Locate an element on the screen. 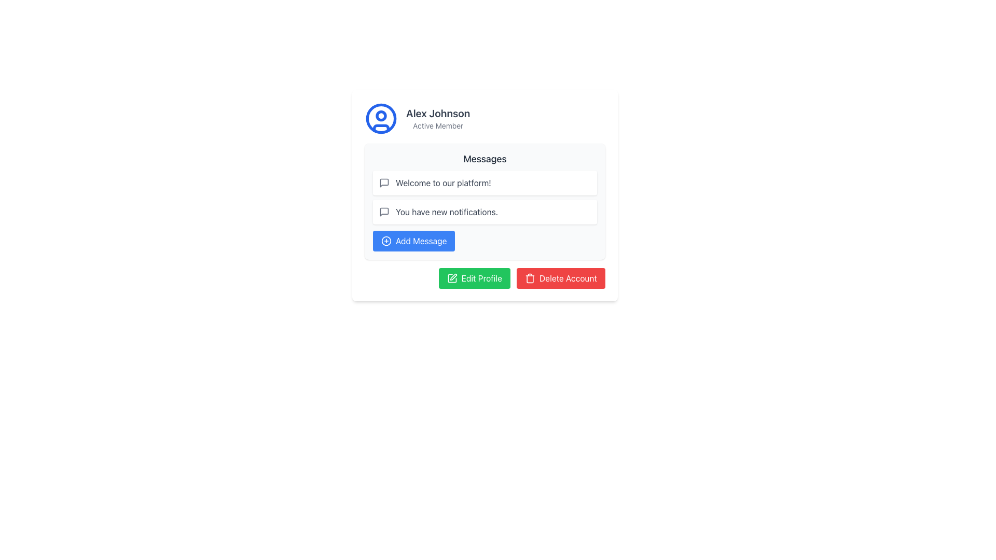 The width and height of the screenshot is (996, 560). the static text label displaying the user's profile or account name, which is positioned at the top-left section of the card layout is located at coordinates (438, 114).